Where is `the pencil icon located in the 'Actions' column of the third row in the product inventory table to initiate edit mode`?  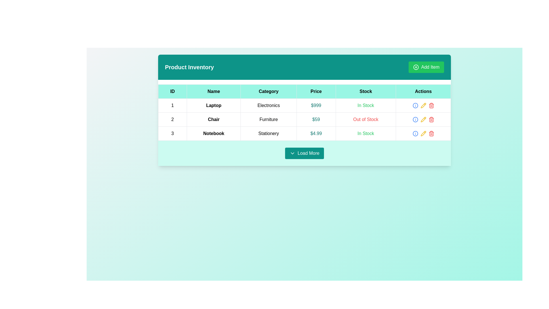
the pencil icon located in the 'Actions' column of the third row in the product inventory table to initiate edit mode is located at coordinates (423, 106).